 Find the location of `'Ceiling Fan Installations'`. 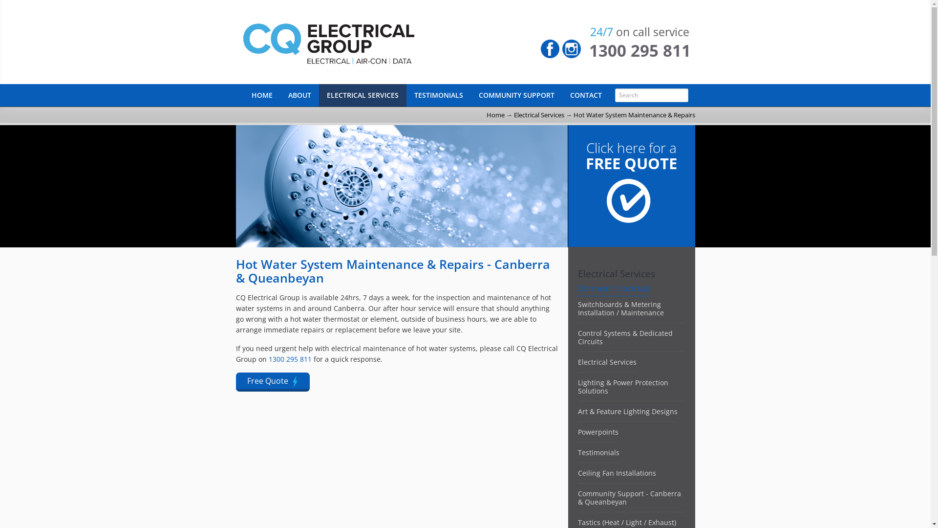

'Ceiling Fan Installations' is located at coordinates (616, 472).